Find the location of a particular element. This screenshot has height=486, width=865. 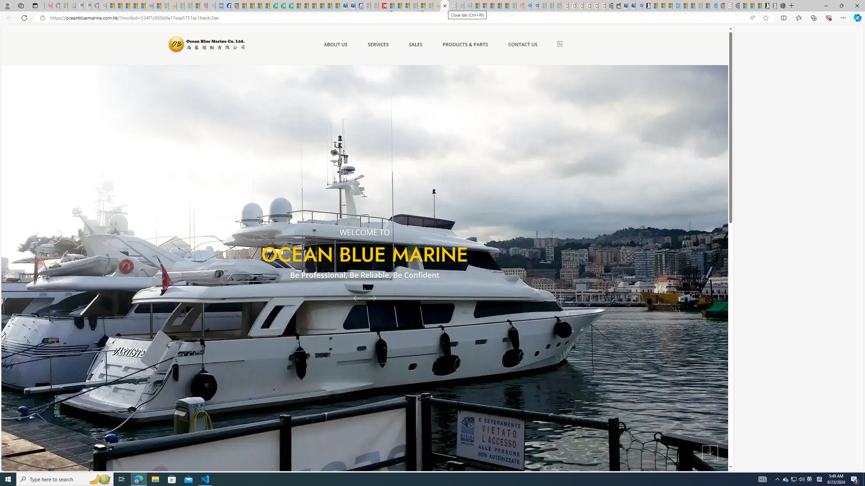

'LendingTree - Compare Lenders' is located at coordinates (274, 5).